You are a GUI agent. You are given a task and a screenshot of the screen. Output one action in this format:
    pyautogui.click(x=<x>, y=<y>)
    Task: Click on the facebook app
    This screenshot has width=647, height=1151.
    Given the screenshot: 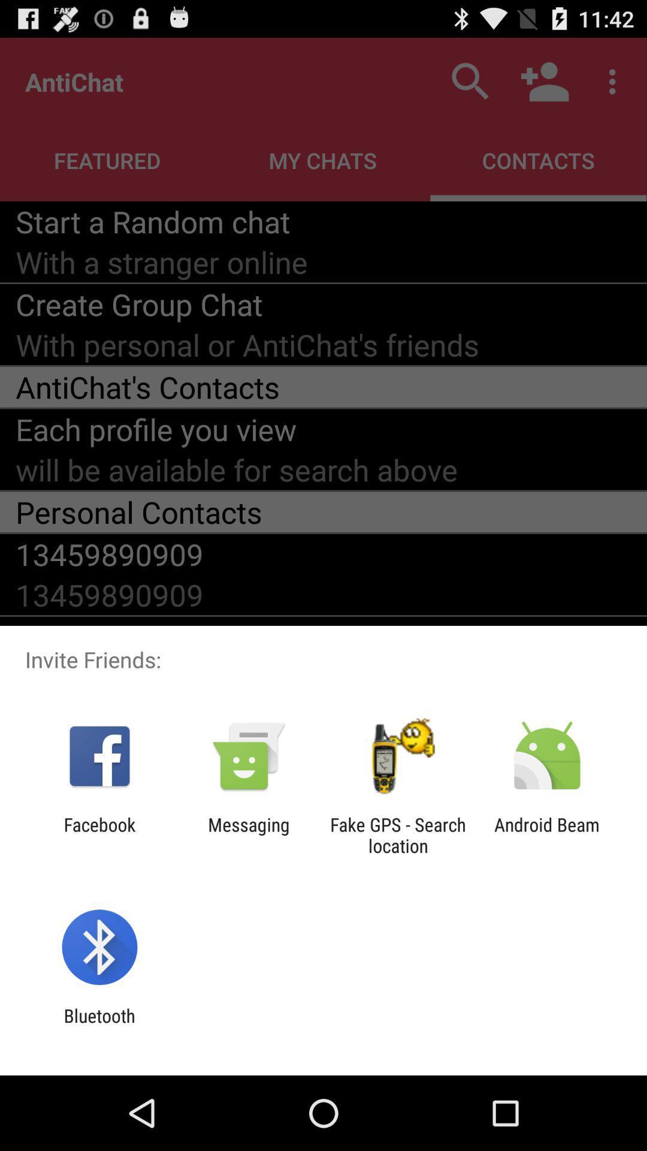 What is the action you would take?
    pyautogui.click(x=99, y=834)
    